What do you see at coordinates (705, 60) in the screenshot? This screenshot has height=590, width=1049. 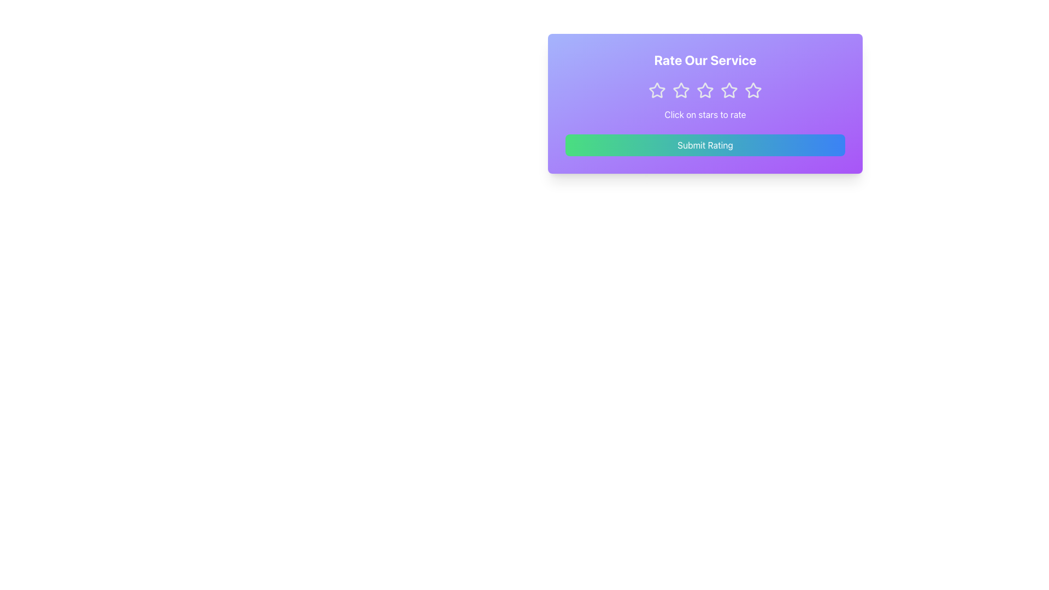 I see `title text located at the top of the gradient purple card, which solicits a service rating from the user` at bounding box center [705, 60].